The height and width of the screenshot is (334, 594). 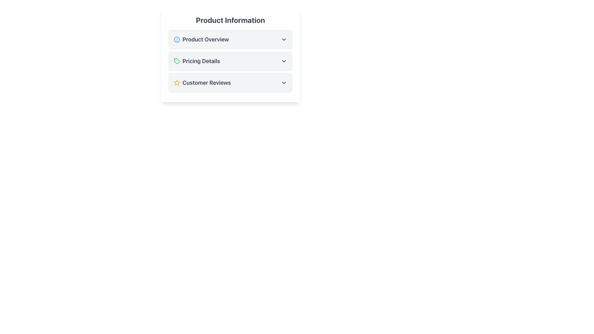 I want to click on the 'Pricing Details' label in the product information section, which is the second item in the list under the 'Product Information' heading, so click(x=201, y=61).